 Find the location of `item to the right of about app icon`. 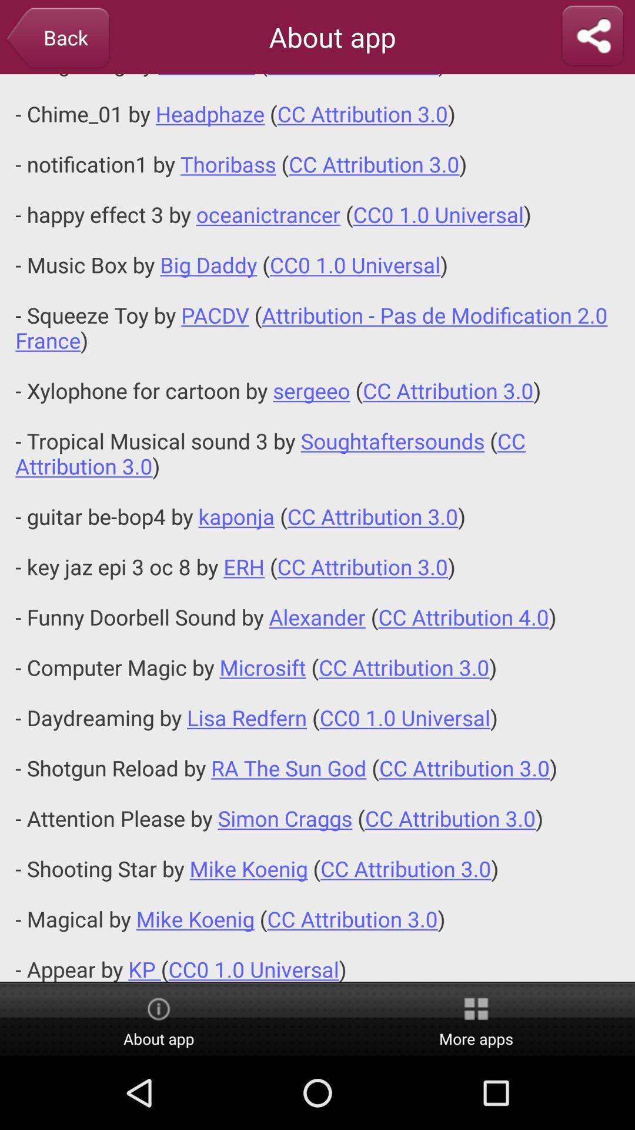

item to the right of about app icon is located at coordinates (476, 1019).